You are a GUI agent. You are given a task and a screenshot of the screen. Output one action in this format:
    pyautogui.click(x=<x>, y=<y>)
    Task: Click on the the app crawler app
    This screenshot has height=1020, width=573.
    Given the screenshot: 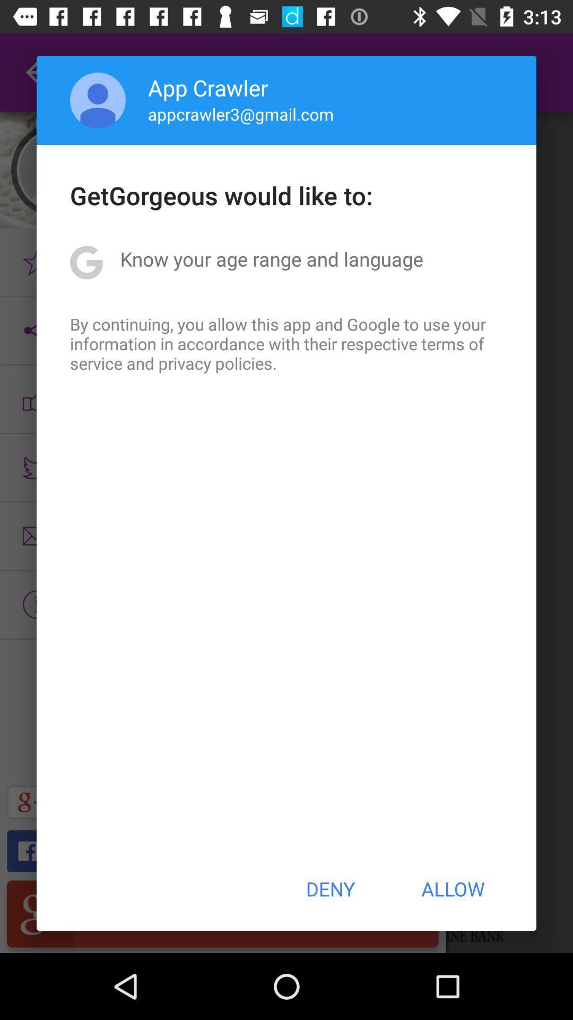 What is the action you would take?
    pyautogui.click(x=208, y=87)
    